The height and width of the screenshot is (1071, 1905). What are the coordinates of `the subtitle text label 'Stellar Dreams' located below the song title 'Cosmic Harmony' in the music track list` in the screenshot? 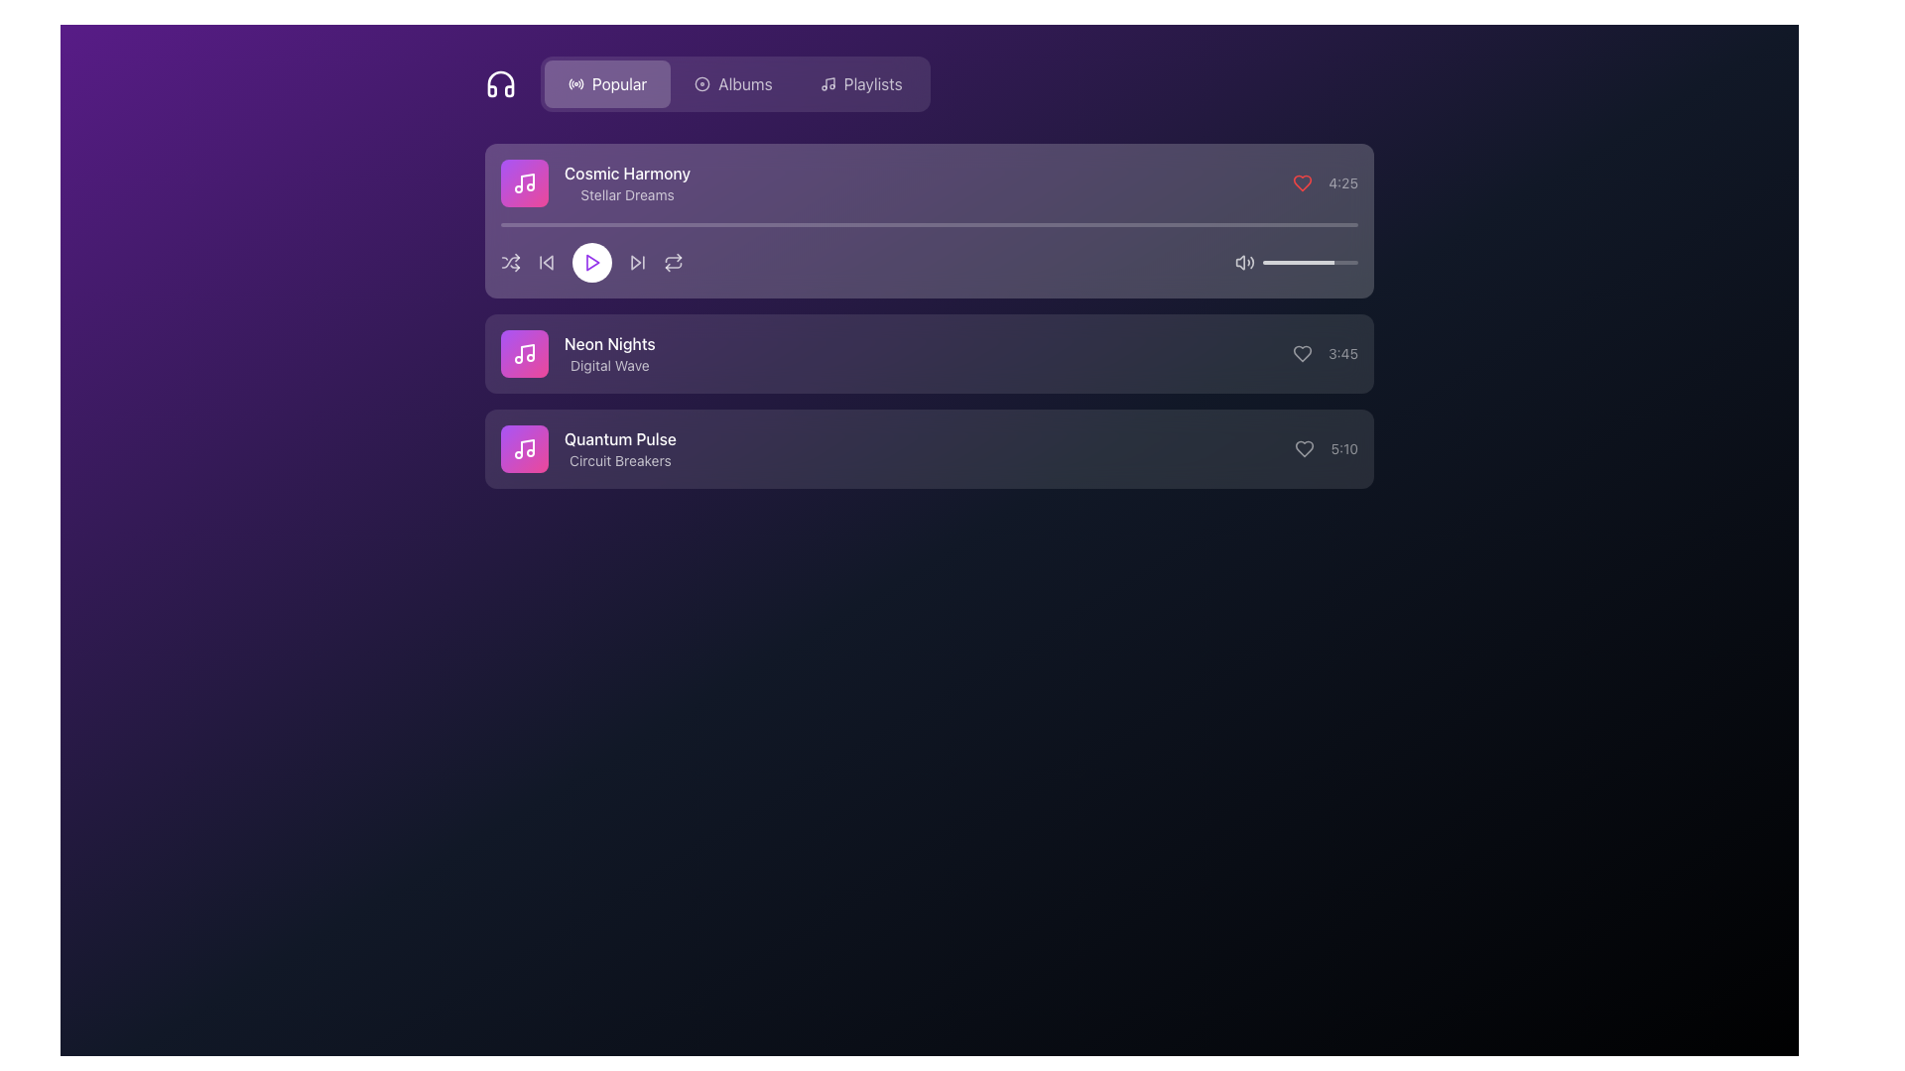 It's located at (626, 194).